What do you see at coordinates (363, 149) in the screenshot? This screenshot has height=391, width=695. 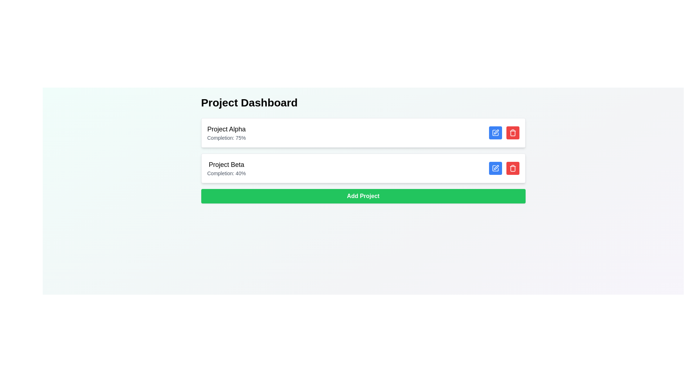 I see `project information from the main overview and interaction hub for managing projects, which includes multiple subcomponents like labels, buttons, and icons, located centrally below the header section` at bounding box center [363, 149].